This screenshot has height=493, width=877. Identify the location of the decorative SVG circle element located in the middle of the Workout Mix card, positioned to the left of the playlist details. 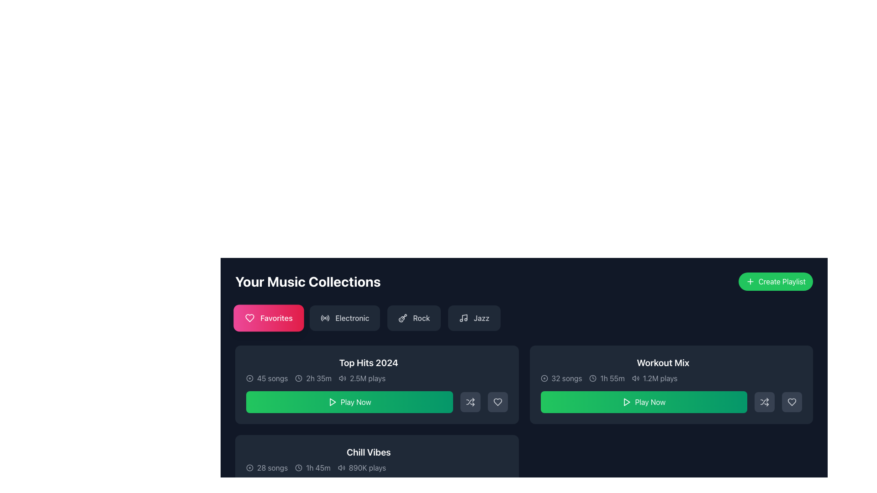
(544, 378).